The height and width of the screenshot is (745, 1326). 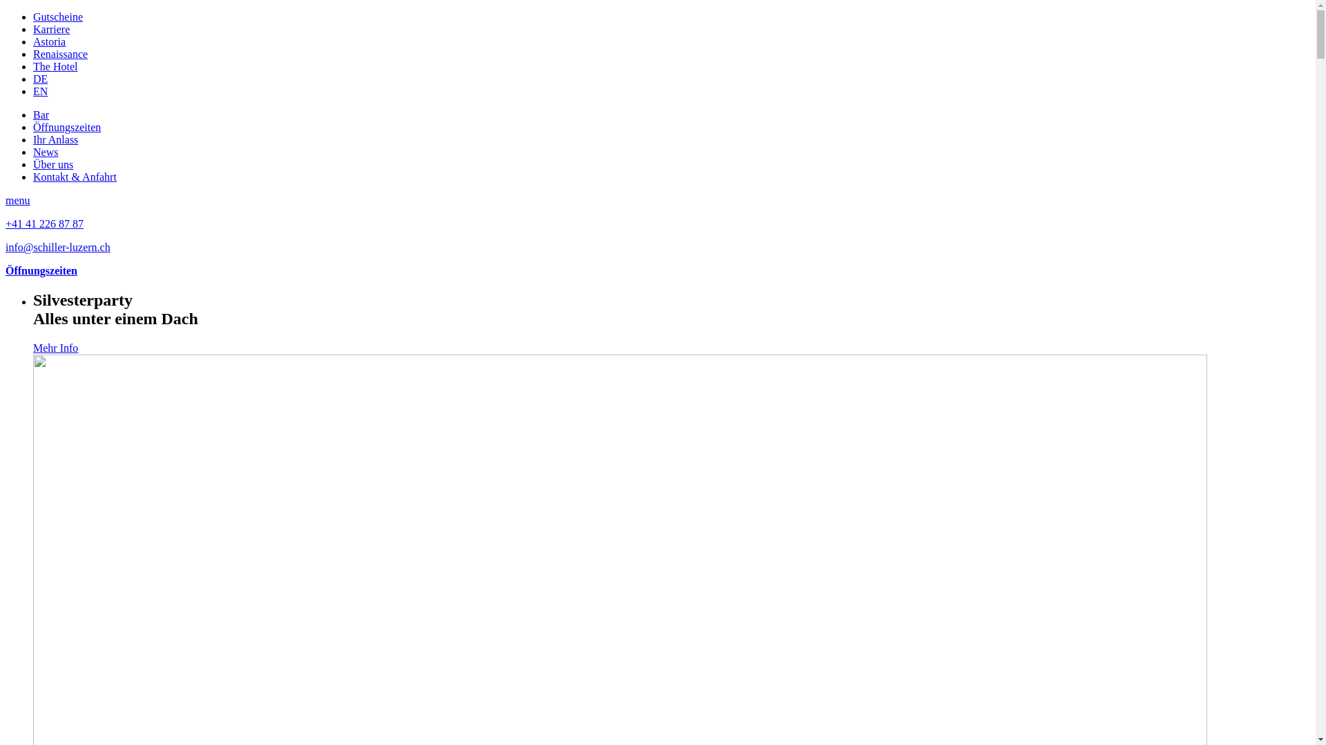 What do you see at coordinates (55, 66) in the screenshot?
I see `'The Hotel'` at bounding box center [55, 66].